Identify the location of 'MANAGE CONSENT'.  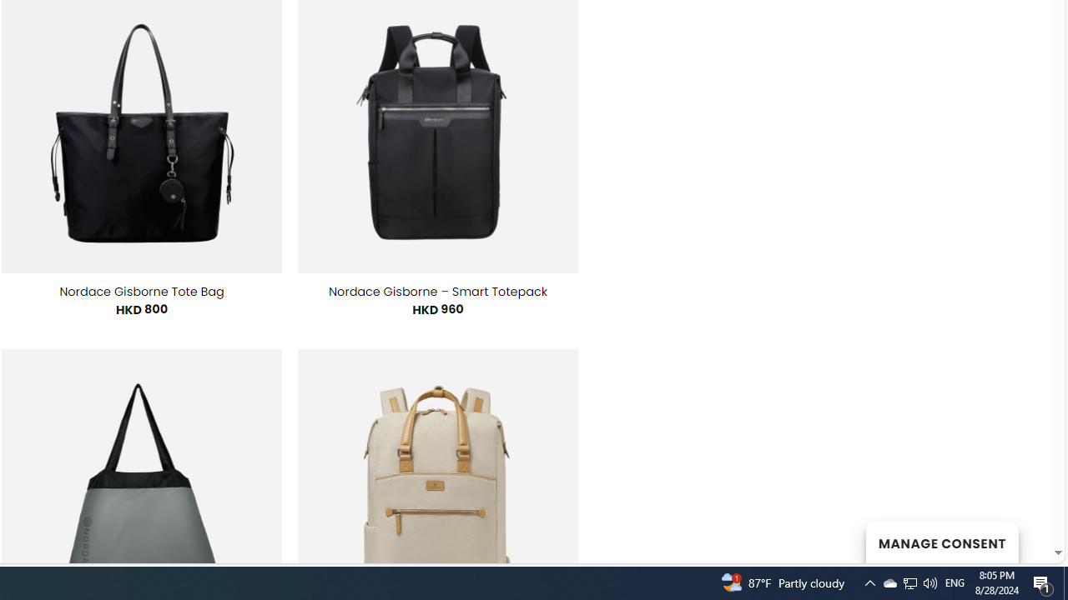
(941, 542).